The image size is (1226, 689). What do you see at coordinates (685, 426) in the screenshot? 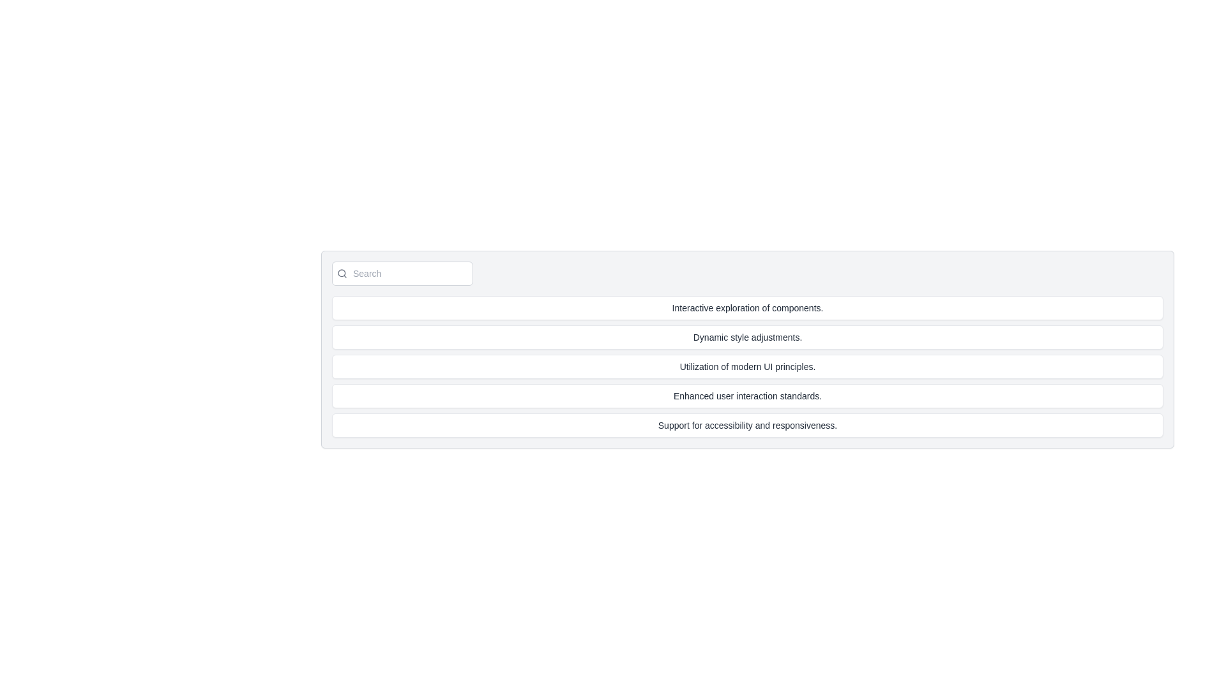
I see `the last letter 'r' of the word 'Support' in the fifth row of a vertically aligned list of textual items` at bounding box center [685, 426].